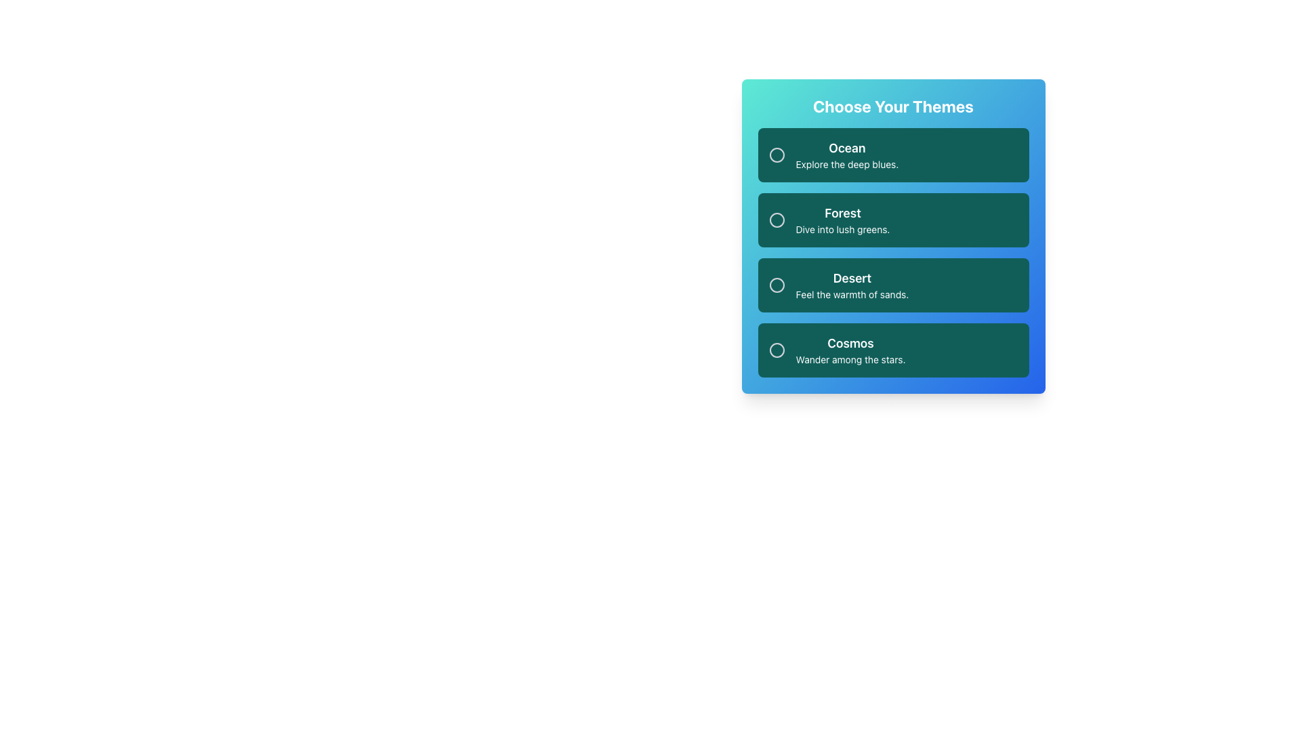 The image size is (1301, 732). What do you see at coordinates (846, 164) in the screenshot?
I see `the static text label that provides additional details about the 'Ocean' theme option, located below the 'Ocean' title text` at bounding box center [846, 164].